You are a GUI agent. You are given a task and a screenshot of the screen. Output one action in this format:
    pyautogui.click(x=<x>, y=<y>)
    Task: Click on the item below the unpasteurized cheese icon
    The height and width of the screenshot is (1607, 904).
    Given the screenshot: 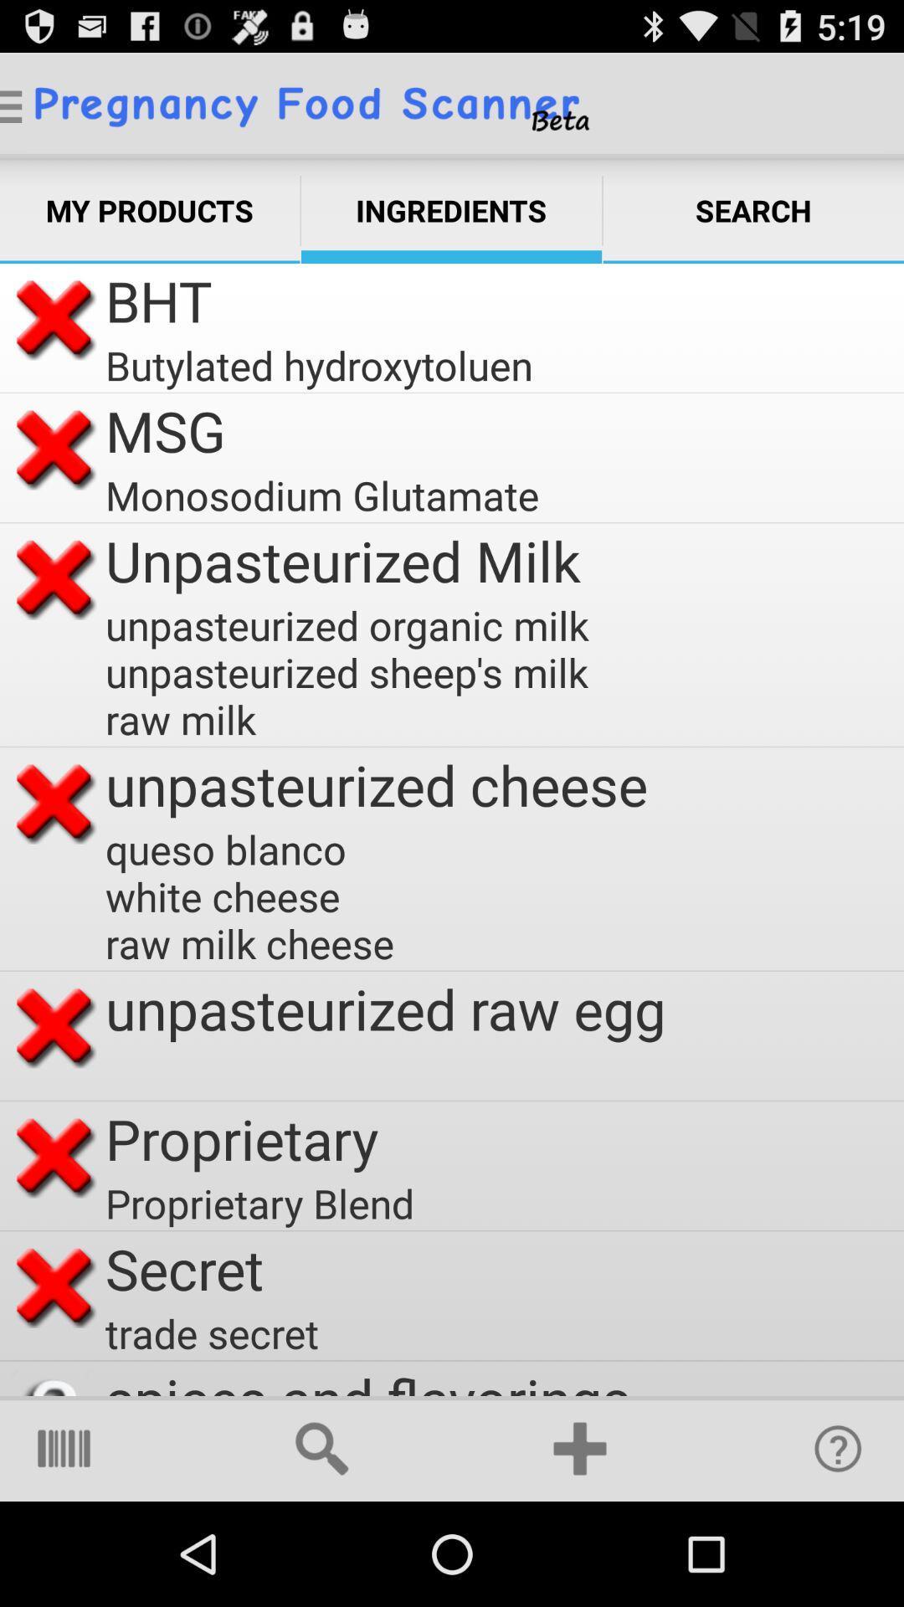 What is the action you would take?
    pyautogui.click(x=249, y=895)
    